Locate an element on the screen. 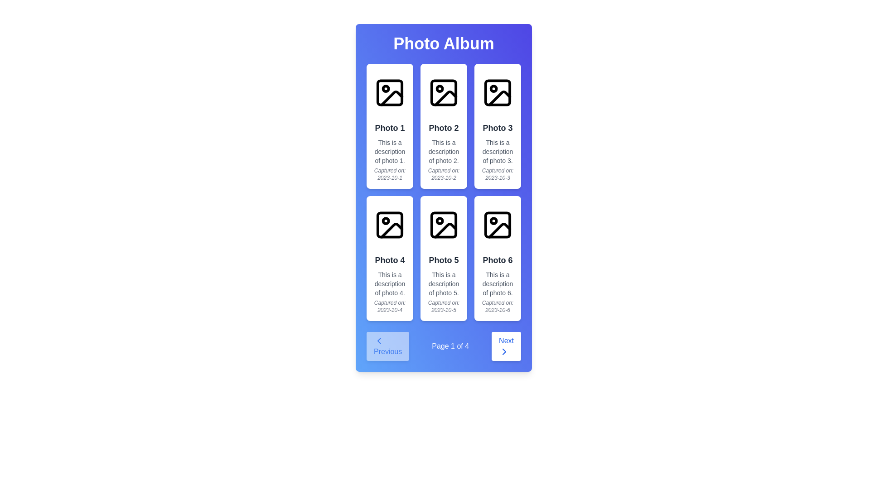 This screenshot has width=870, height=489. the Image placeholder icon located in the center of the tile labeled 'Photo 5' is located at coordinates (444, 225).